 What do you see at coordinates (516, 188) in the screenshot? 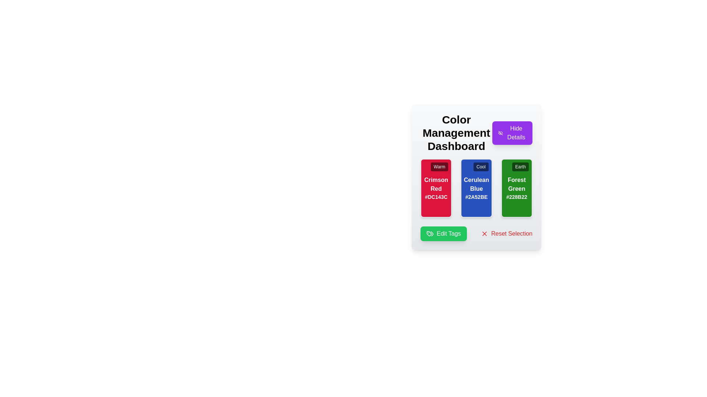
I see `A color swatch component representing 'Forest Green' with the hexadecimal code '#228B22', located in the third column of the grid layout` at bounding box center [516, 188].